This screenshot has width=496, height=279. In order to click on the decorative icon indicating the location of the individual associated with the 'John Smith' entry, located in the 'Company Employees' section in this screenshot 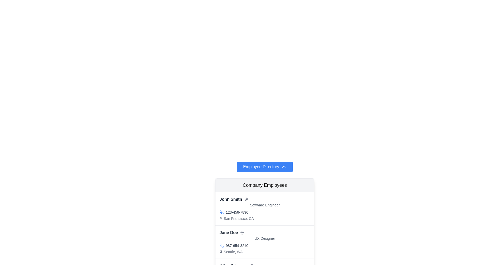, I will do `click(246, 199)`.